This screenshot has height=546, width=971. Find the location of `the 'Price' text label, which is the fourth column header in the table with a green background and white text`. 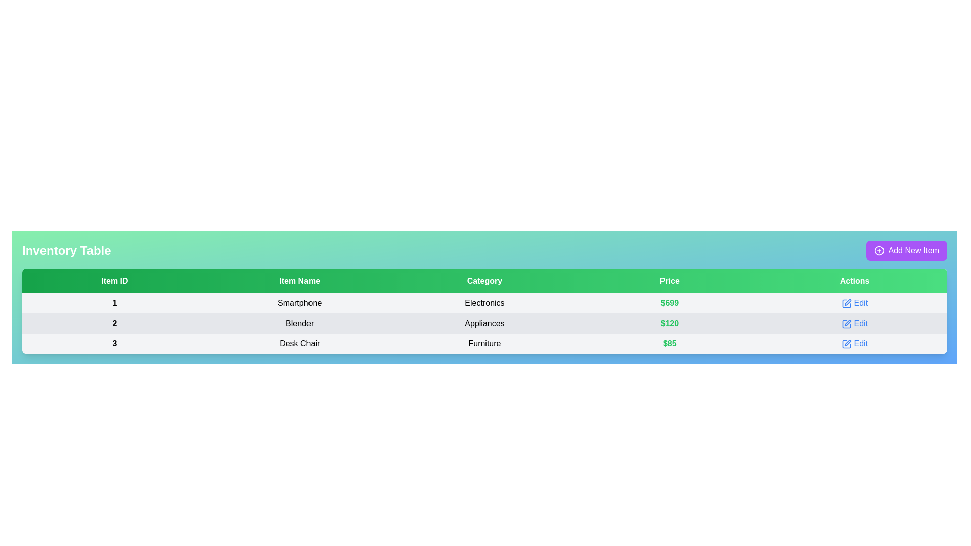

the 'Price' text label, which is the fourth column header in the table with a green background and white text is located at coordinates (670, 281).